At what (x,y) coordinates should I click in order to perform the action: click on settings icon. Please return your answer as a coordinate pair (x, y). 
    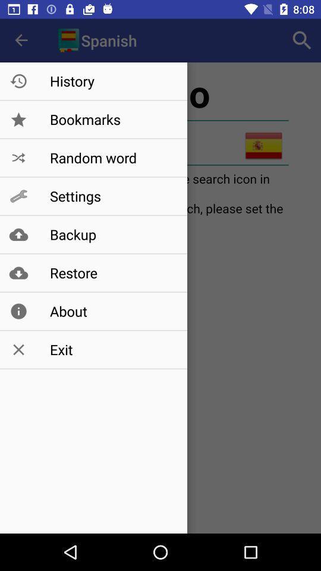
    Looking at the image, I should click on (112, 196).